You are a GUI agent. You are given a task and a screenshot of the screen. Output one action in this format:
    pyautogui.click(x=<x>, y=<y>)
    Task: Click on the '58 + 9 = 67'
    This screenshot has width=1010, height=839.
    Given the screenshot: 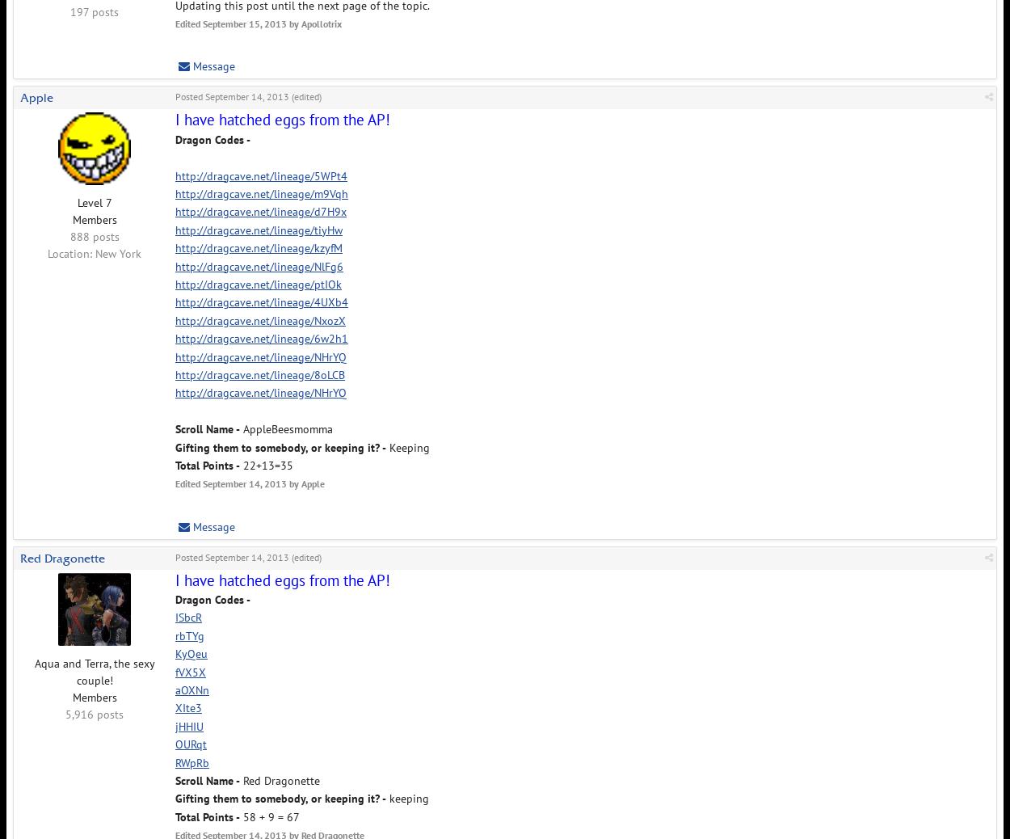 What is the action you would take?
    pyautogui.click(x=269, y=816)
    